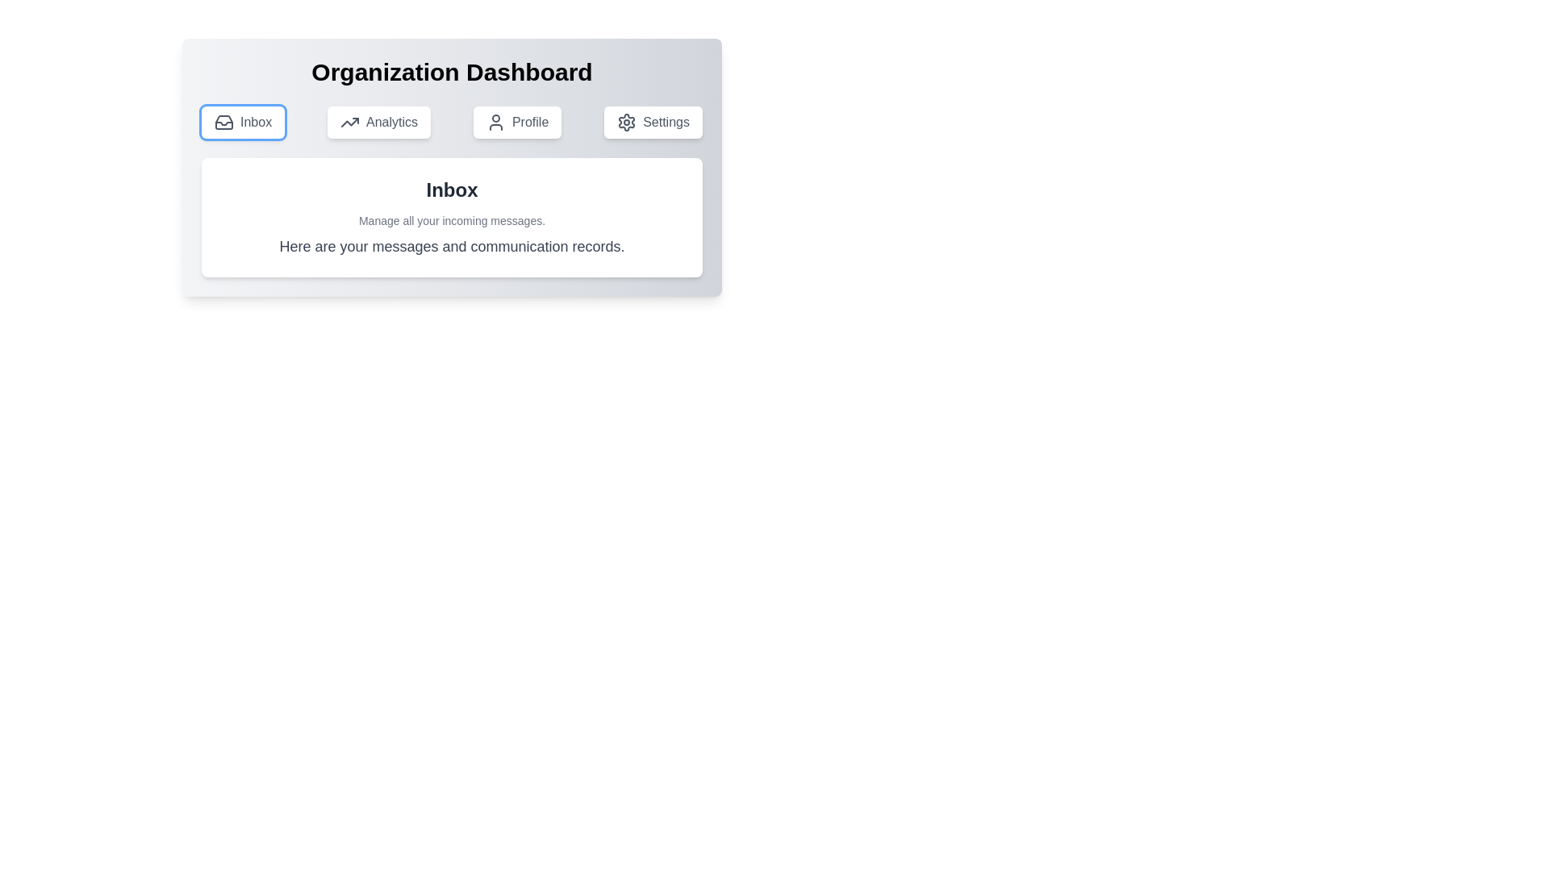 The height and width of the screenshot is (871, 1549). Describe the element at coordinates (626, 121) in the screenshot. I see `the 'Settings' icon located in the top-right segment of the interface` at that location.